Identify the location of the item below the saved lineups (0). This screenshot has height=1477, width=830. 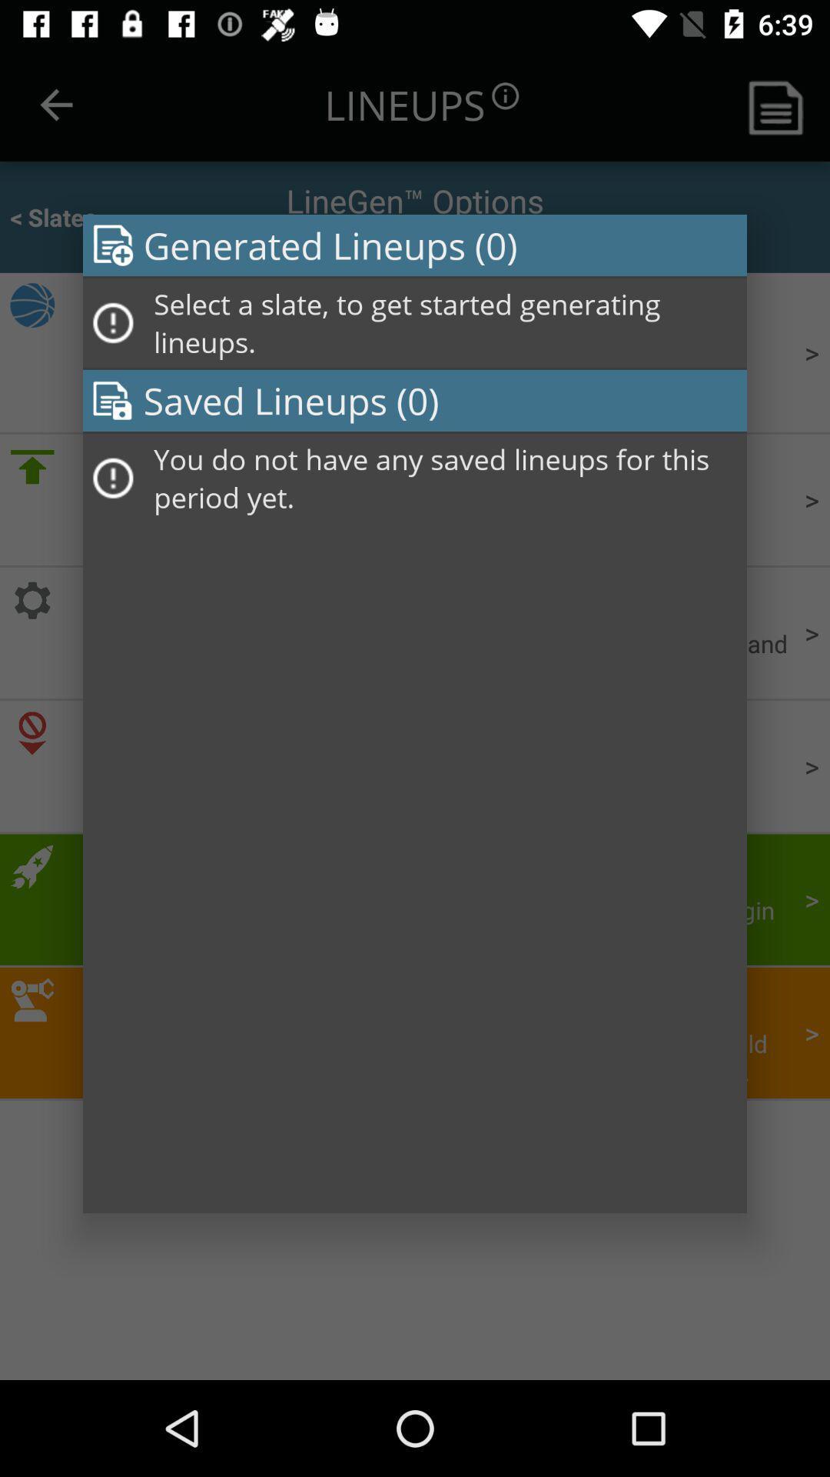
(445, 477).